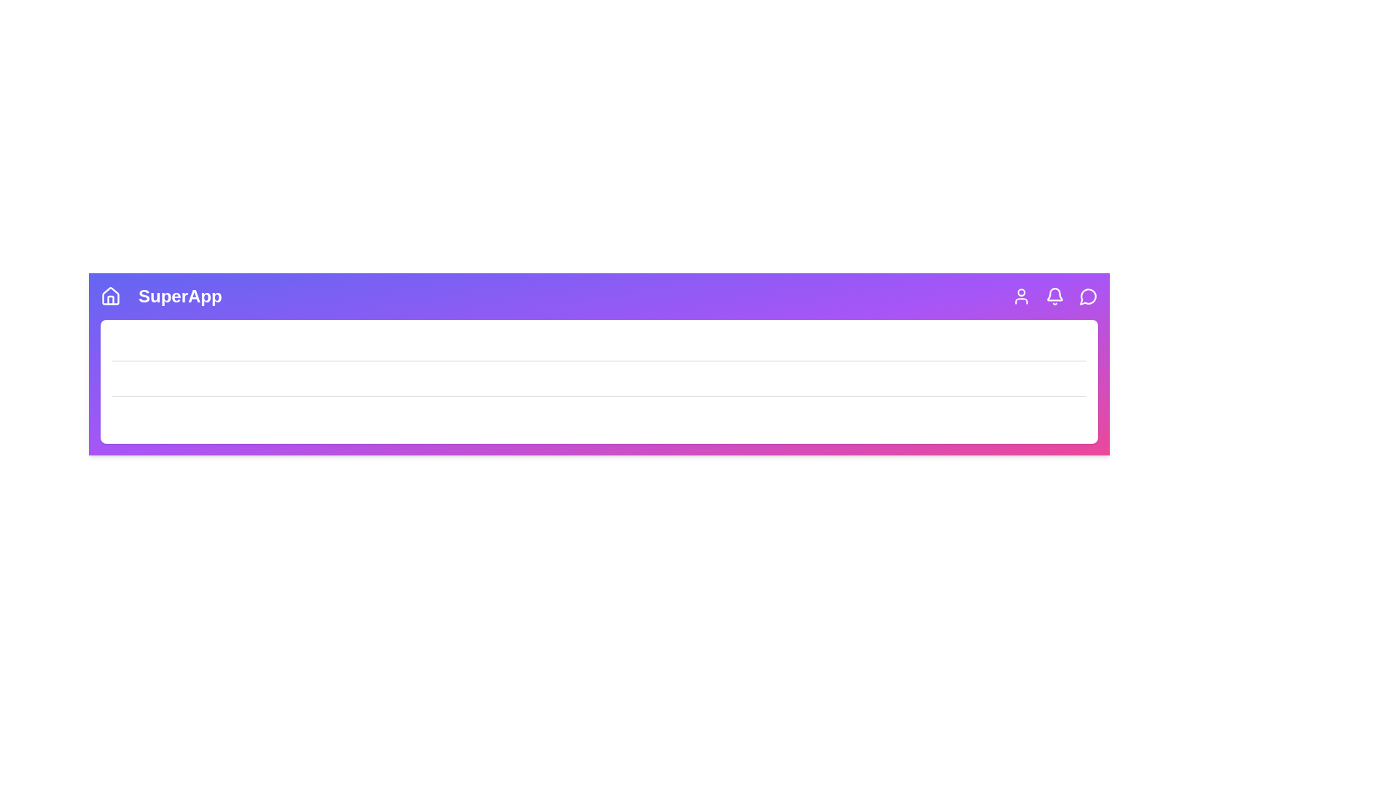 This screenshot has height=787, width=1400. I want to click on the MessageCircle icon to open the messages section, so click(1088, 296).